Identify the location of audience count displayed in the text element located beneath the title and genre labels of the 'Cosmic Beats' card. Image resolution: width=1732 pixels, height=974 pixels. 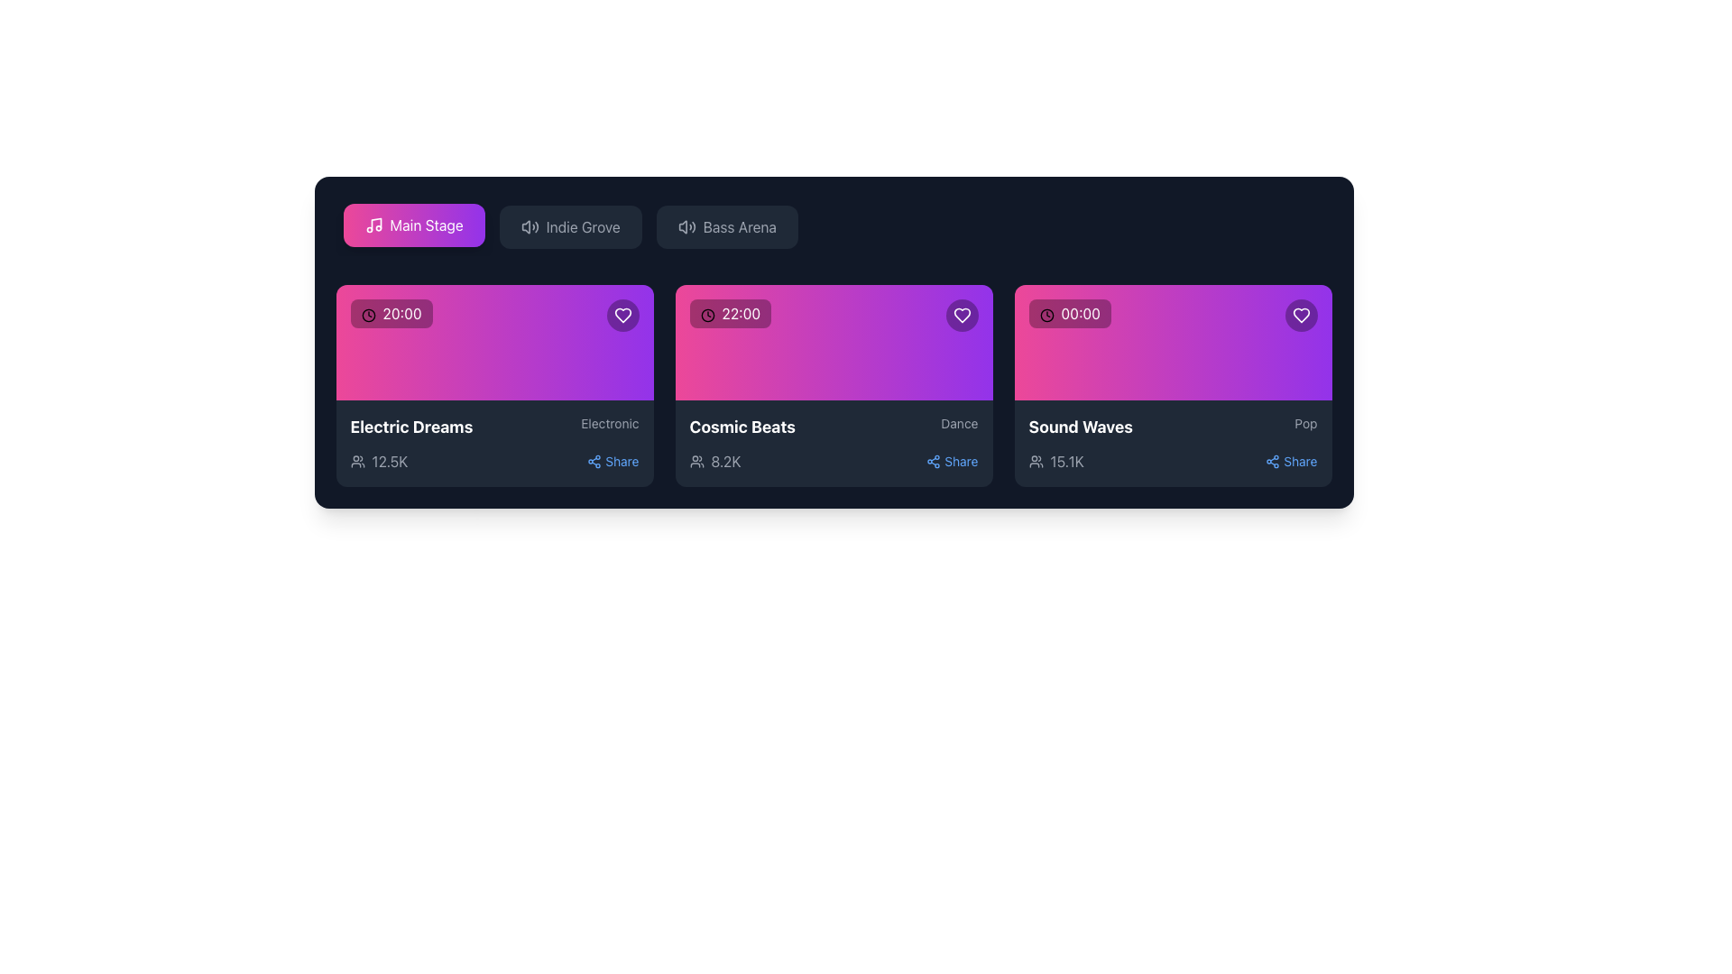
(714, 461).